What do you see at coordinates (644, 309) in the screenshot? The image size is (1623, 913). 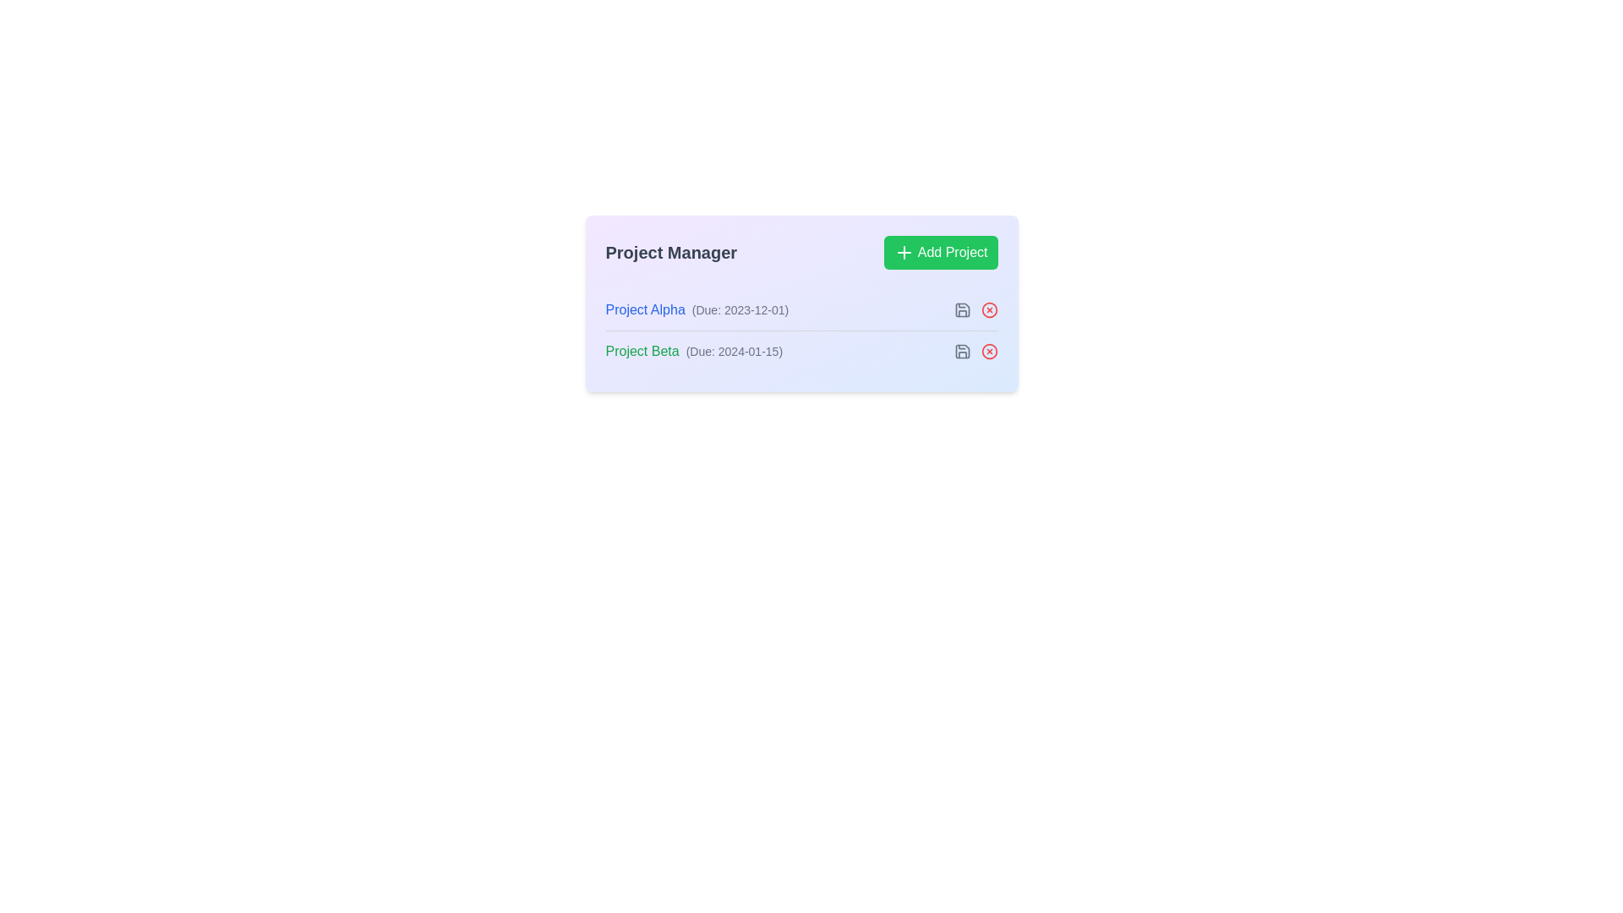 I see `the project title text label located in the 'Project Manager' section, which is the first visible item in the project list adjacent to the due date '(Due: 2023-12-01)'` at bounding box center [644, 309].